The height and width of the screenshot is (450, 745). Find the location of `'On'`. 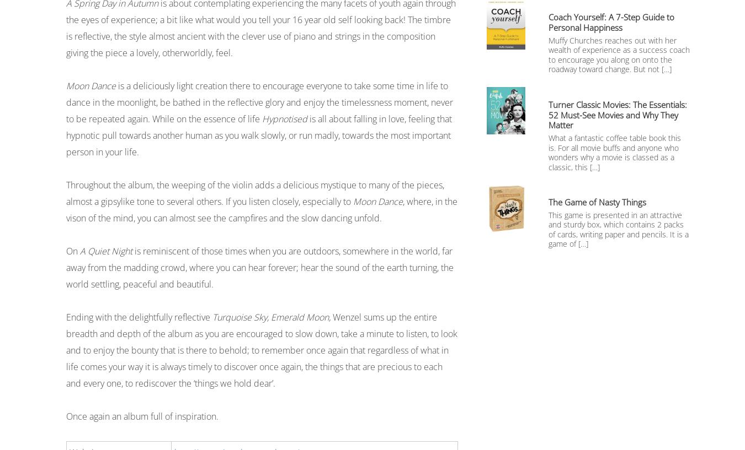

'On' is located at coordinates (73, 251).